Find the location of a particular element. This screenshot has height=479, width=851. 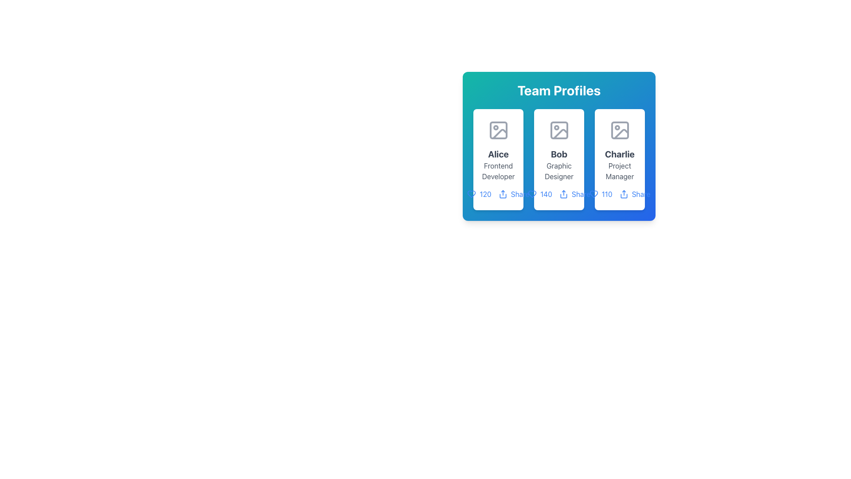

the text component displaying 'Frontend Developer' styled in gray, located in the center of the leftmost team profile card beneath 'Alice' is located at coordinates (498, 171).